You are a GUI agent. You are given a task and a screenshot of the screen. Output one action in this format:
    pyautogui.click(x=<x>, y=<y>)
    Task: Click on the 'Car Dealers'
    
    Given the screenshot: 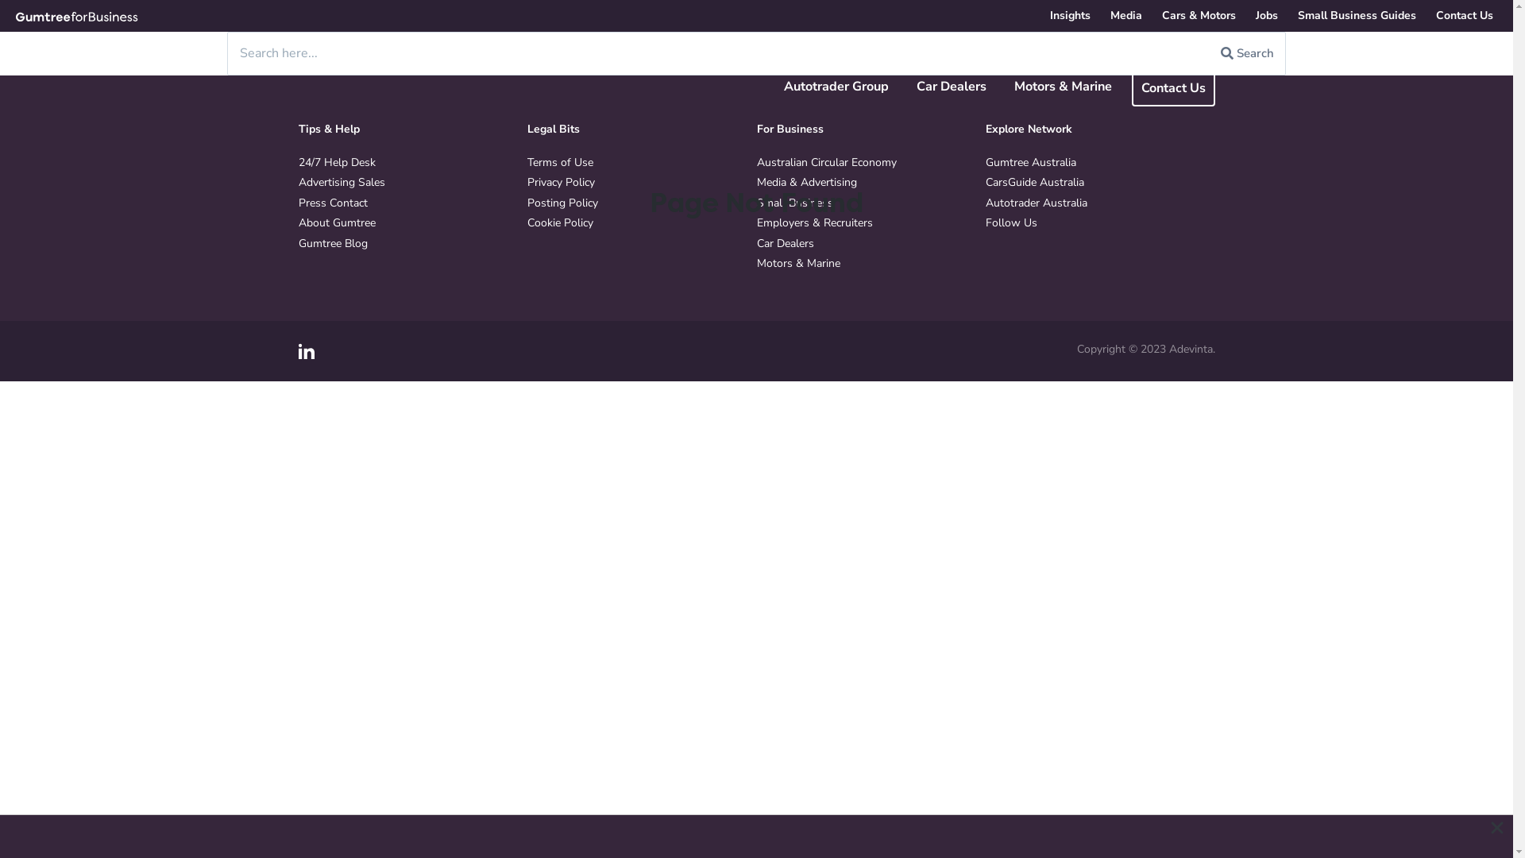 What is the action you would take?
    pyautogui.click(x=755, y=243)
    